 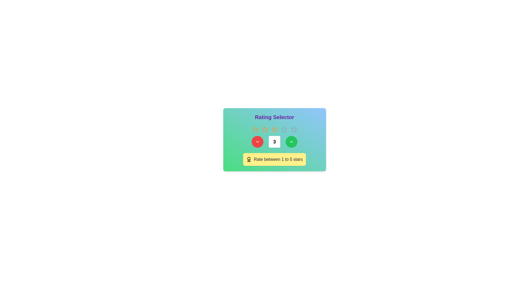 What do you see at coordinates (291, 141) in the screenshot?
I see `the green circular button with a white upward chevron symbol for keyboard navigation` at bounding box center [291, 141].